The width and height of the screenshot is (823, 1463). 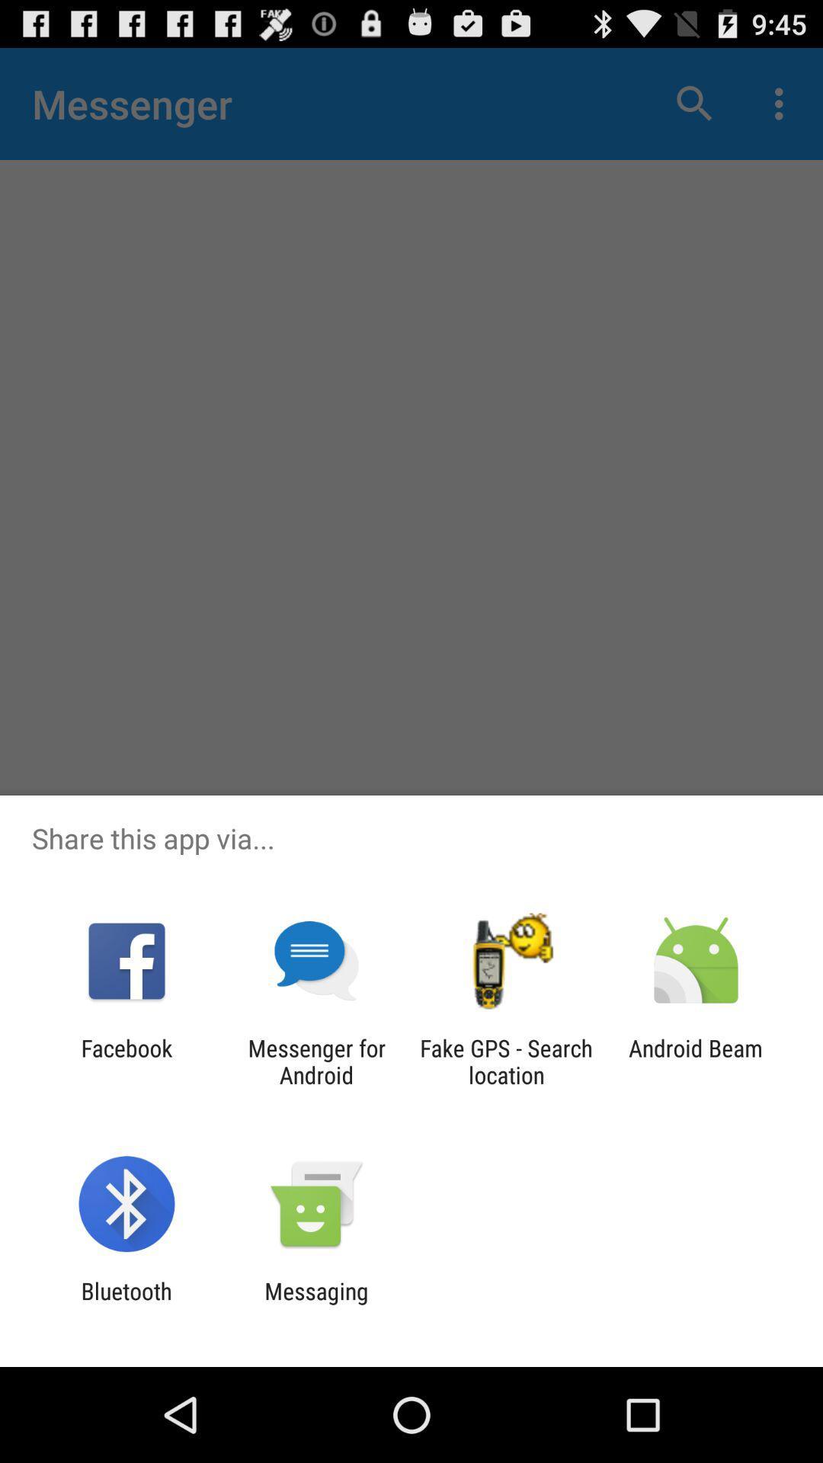 What do you see at coordinates (315, 1061) in the screenshot?
I see `the app next to fake gps search` at bounding box center [315, 1061].